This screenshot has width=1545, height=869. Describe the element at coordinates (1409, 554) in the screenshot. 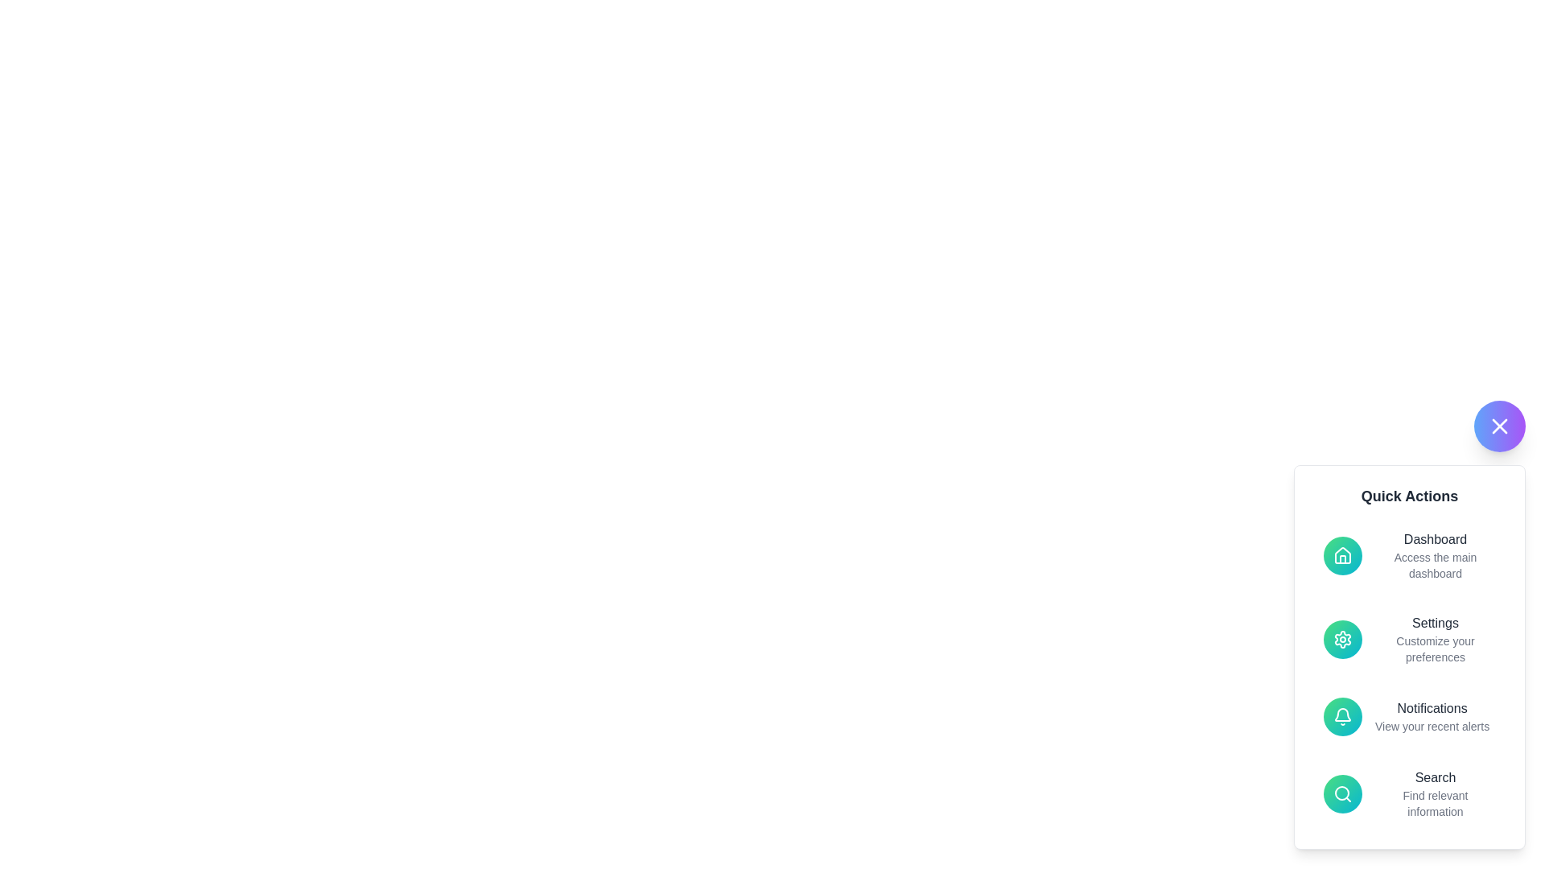

I see `the menu item labeled 'Dashboard' to highlight it` at that location.